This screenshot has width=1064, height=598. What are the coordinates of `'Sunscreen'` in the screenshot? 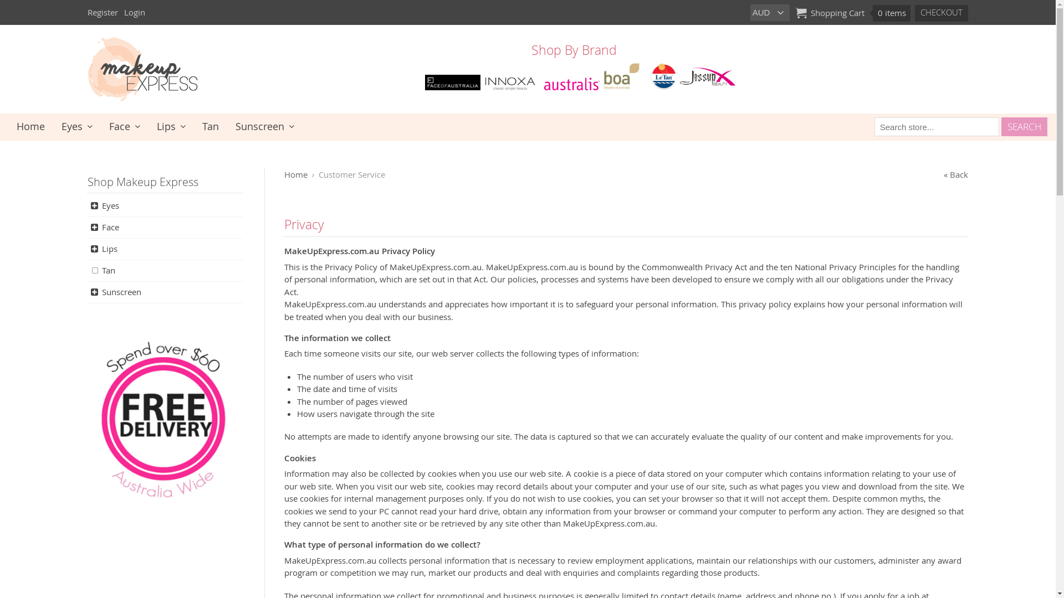 It's located at (87, 292).